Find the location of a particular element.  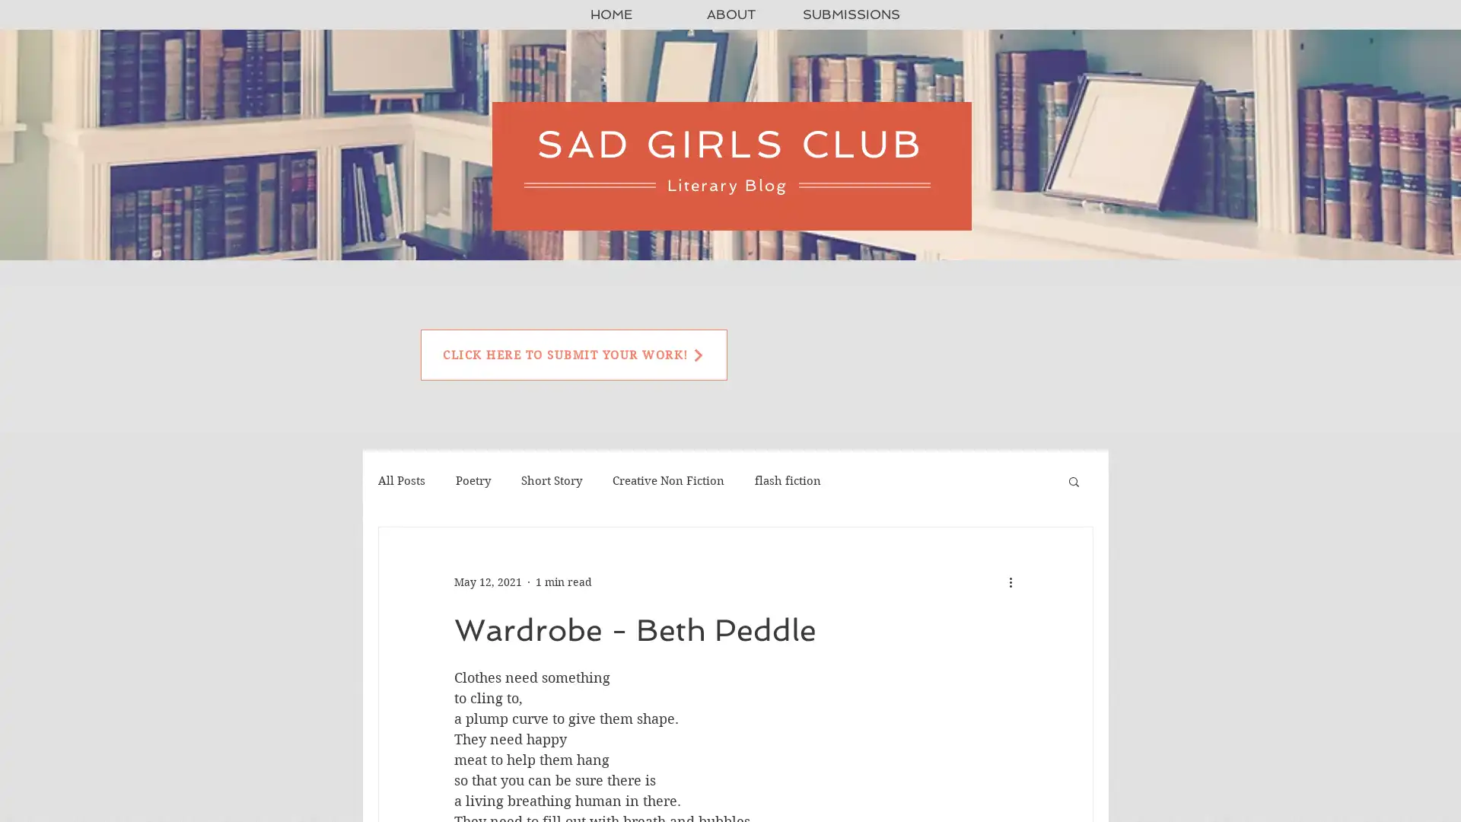

Short Story is located at coordinates (550, 481).